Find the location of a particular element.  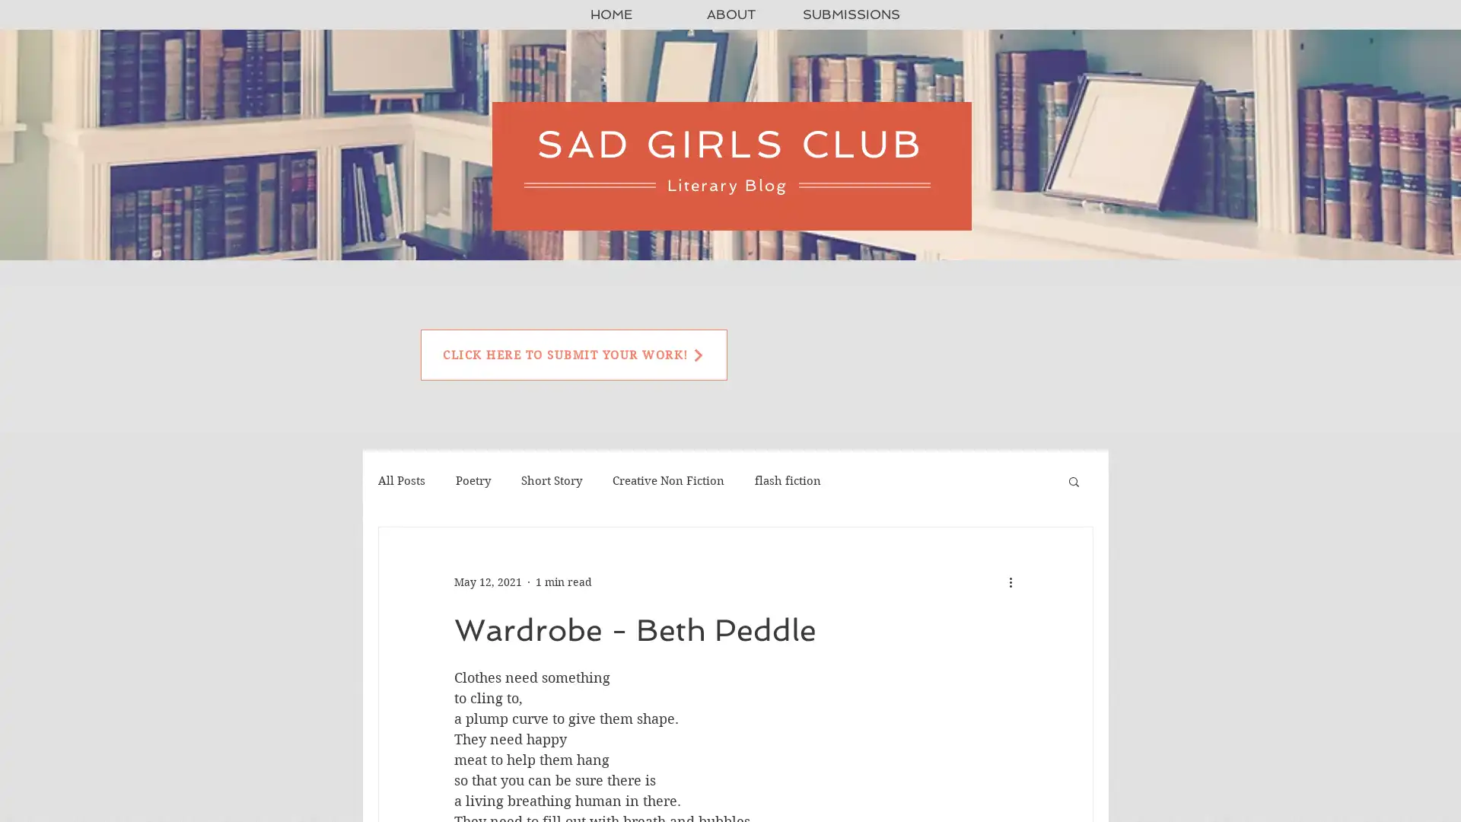

Short Story is located at coordinates (550, 481).